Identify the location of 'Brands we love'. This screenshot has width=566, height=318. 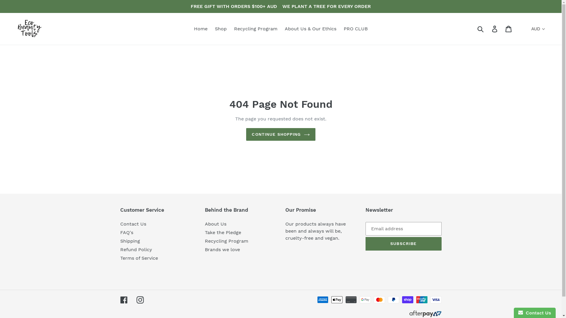
(222, 249).